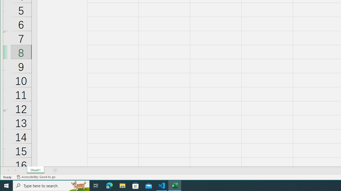  I want to click on 'Accessibility Checker Accessibility: Good to go', so click(36, 177).